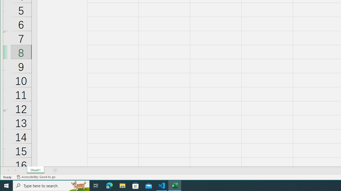  I want to click on 'Accessibility Checker Accessibility: Good to go', so click(36, 177).